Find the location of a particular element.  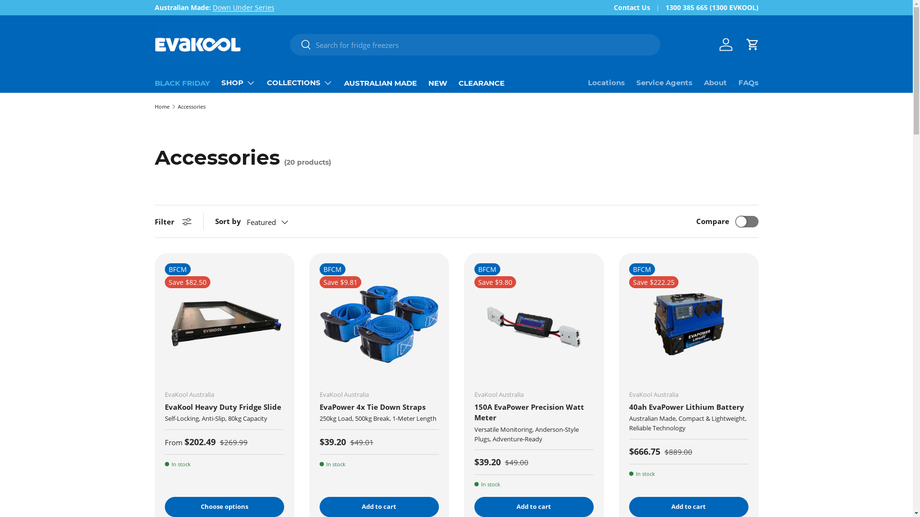

'Contact Us' is located at coordinates (639, 7).